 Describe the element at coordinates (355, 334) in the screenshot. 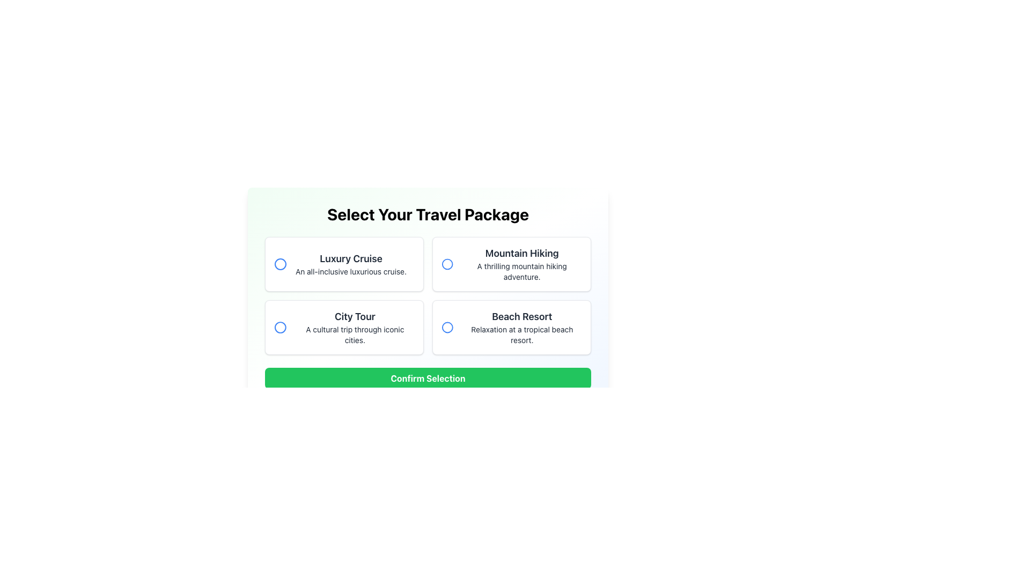

I see `the text label containing the phrase 'A cultural trip through iconic cities.'` at that location.